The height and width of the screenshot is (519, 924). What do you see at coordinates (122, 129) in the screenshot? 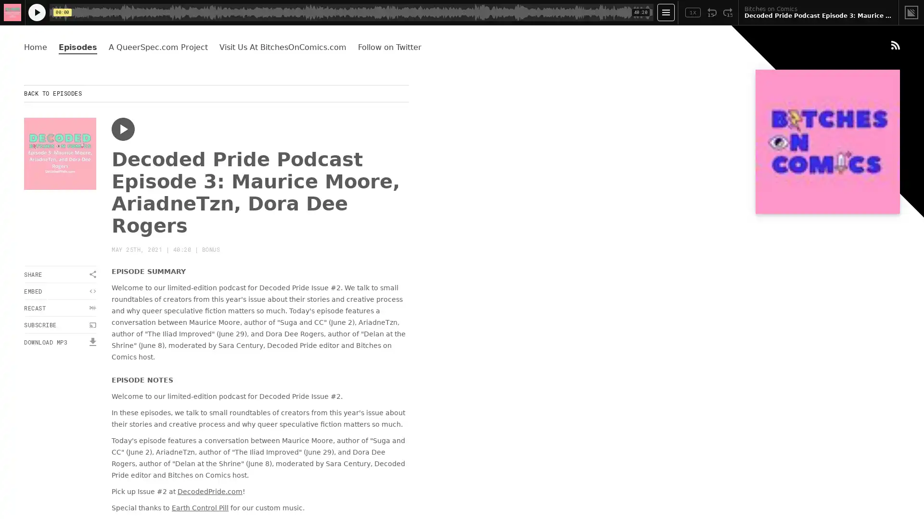
I see `Play` at bounding box center [122, 129].